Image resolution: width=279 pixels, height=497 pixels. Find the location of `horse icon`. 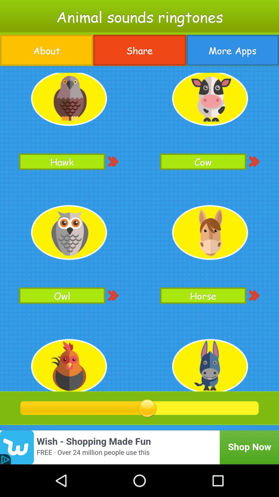

horse icon is located at coordinates (203, 295).